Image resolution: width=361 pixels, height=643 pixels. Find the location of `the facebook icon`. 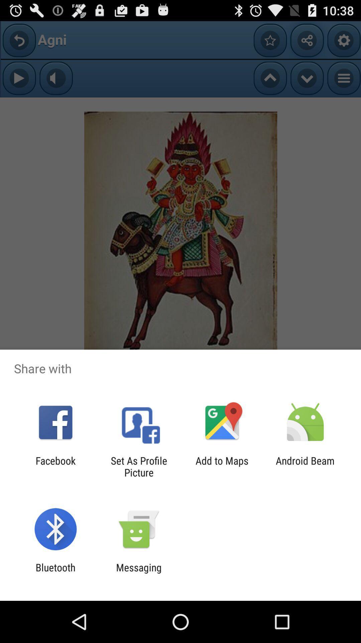

the facebook icon is located at coordinates (55, 466).